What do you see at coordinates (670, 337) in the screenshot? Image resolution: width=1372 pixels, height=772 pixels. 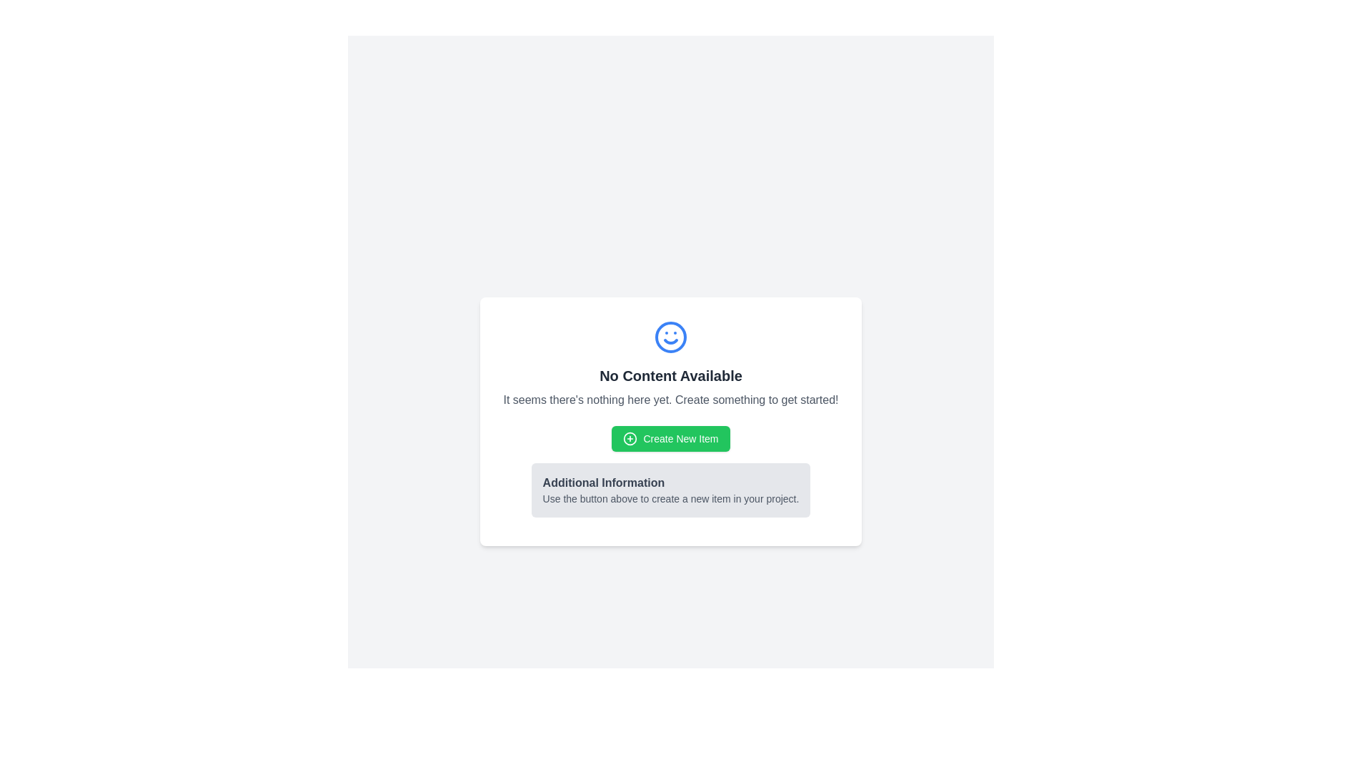 I see `the outermost circular boundary of the smiley face icon, which serves a decorative purpose within the 'No Content Available' message card` at bounding box center [670, 337].